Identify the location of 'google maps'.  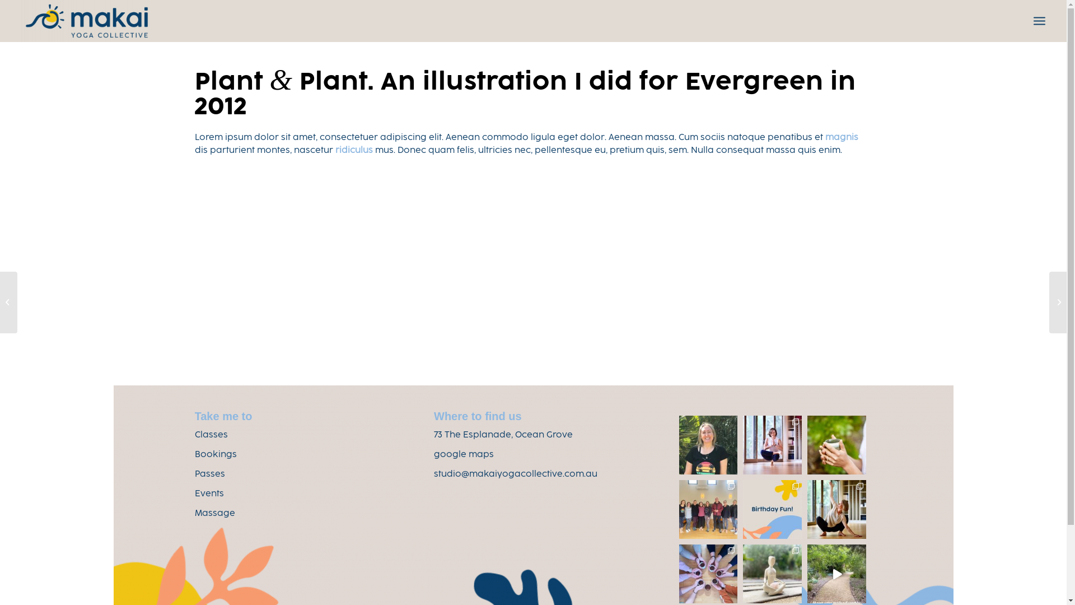
(464, 455).